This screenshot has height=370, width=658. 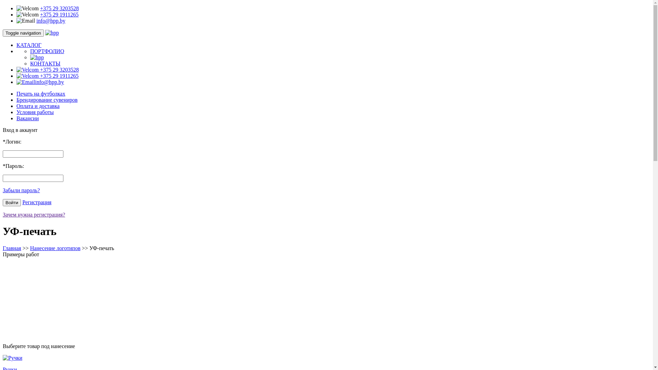 I want to click on 'info@hpp.by', so click(x=36, y=20).